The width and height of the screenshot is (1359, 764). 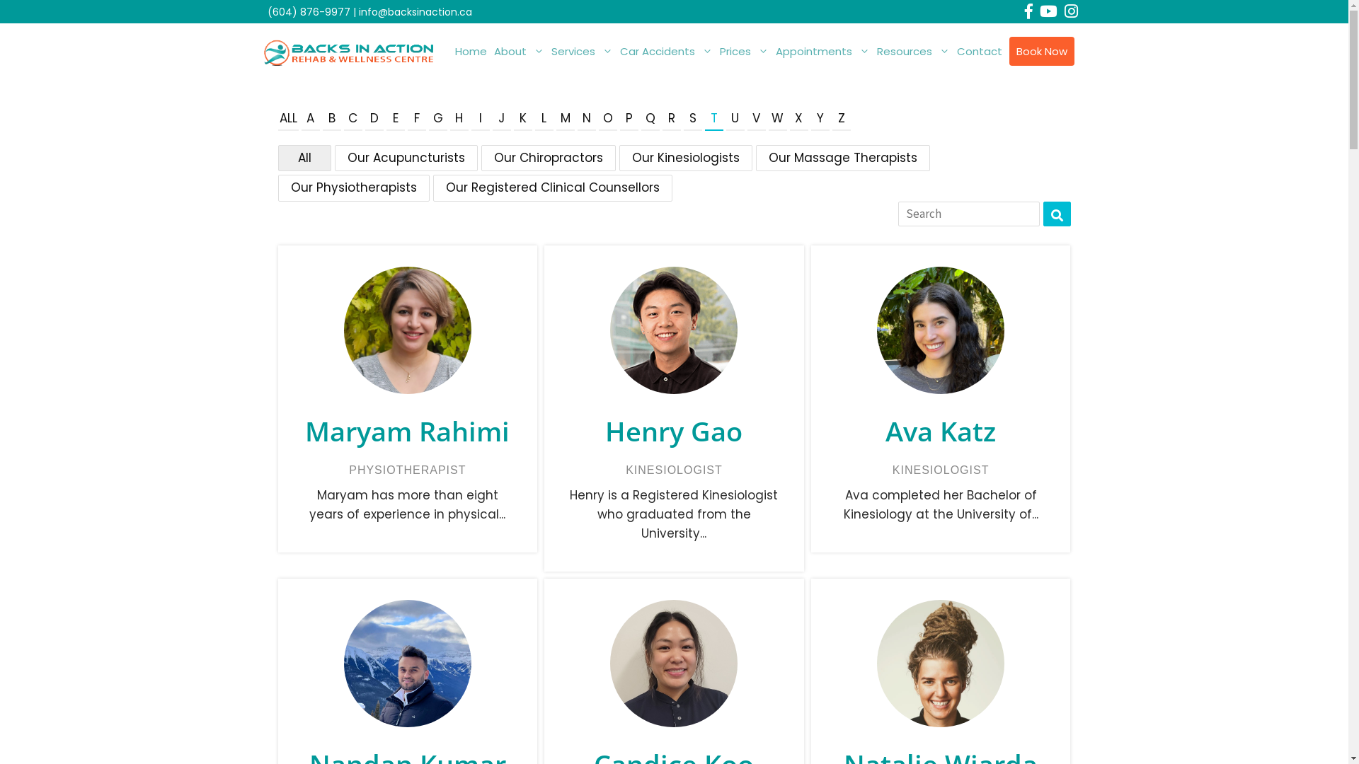 What do you see at coordinates (1040, 51) in the screenshot?
I see `'Book Now'` at bounding box center [1040, 51].